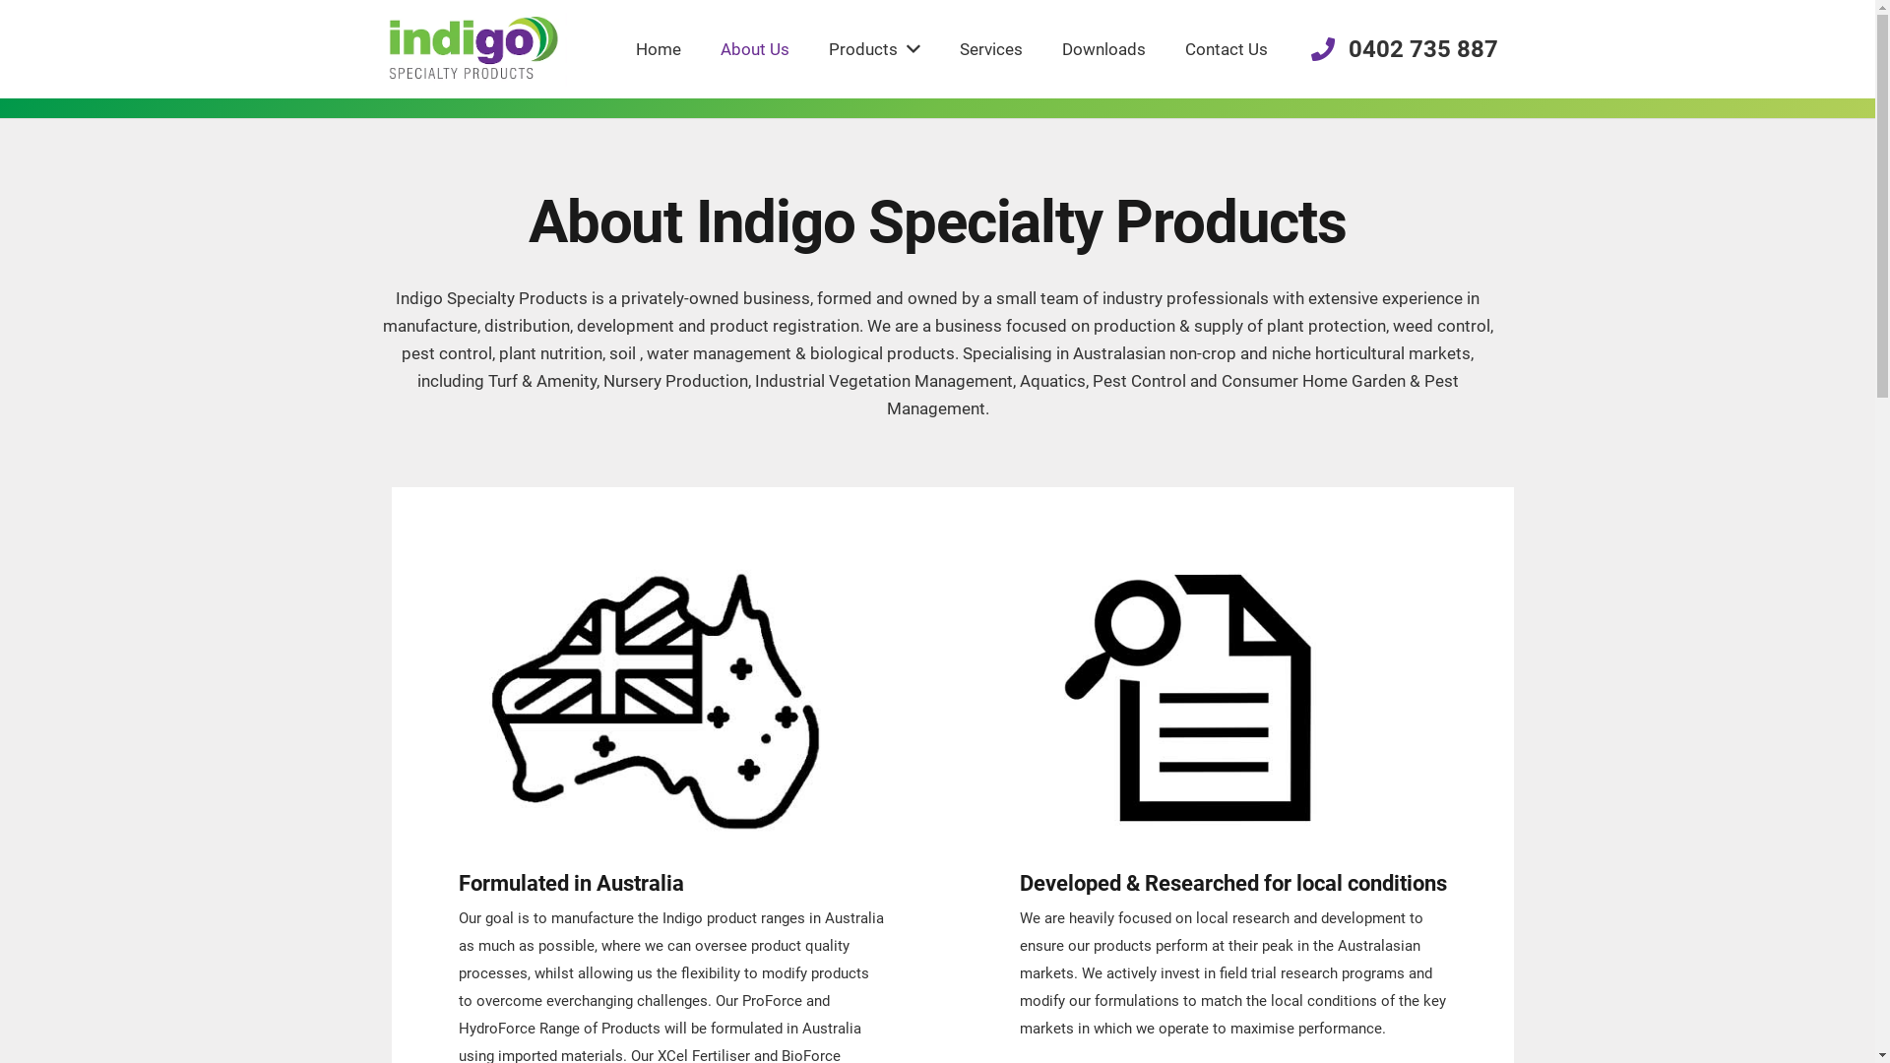  I want to click on 'Downloads', so click(1103, 48).